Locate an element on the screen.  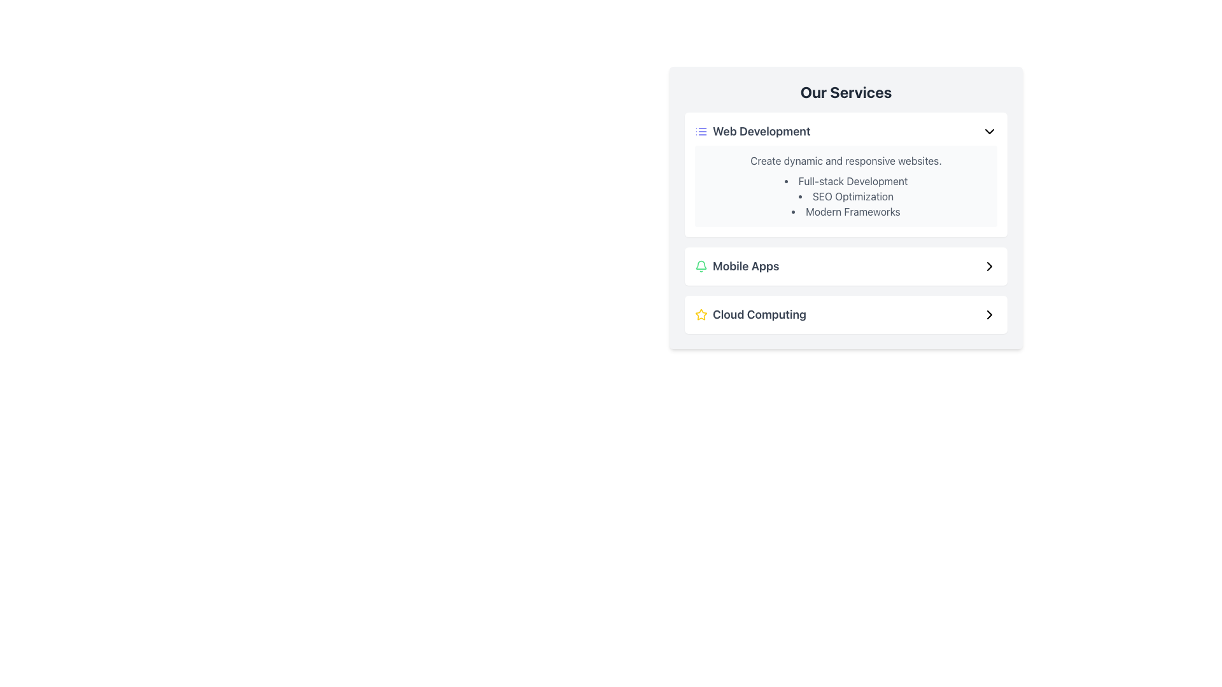
the star icon located to the left of the 'Cloud Computing' text in the 'Our Services' section, which is the third item in a vertical list is located at coordinates (701, 314).